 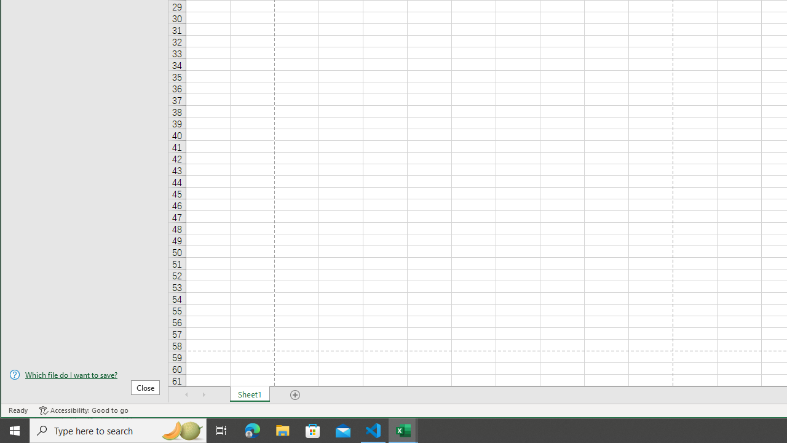 I want to click on 'Visual Studio Code - 1 running window', so click(x=373, y=429).